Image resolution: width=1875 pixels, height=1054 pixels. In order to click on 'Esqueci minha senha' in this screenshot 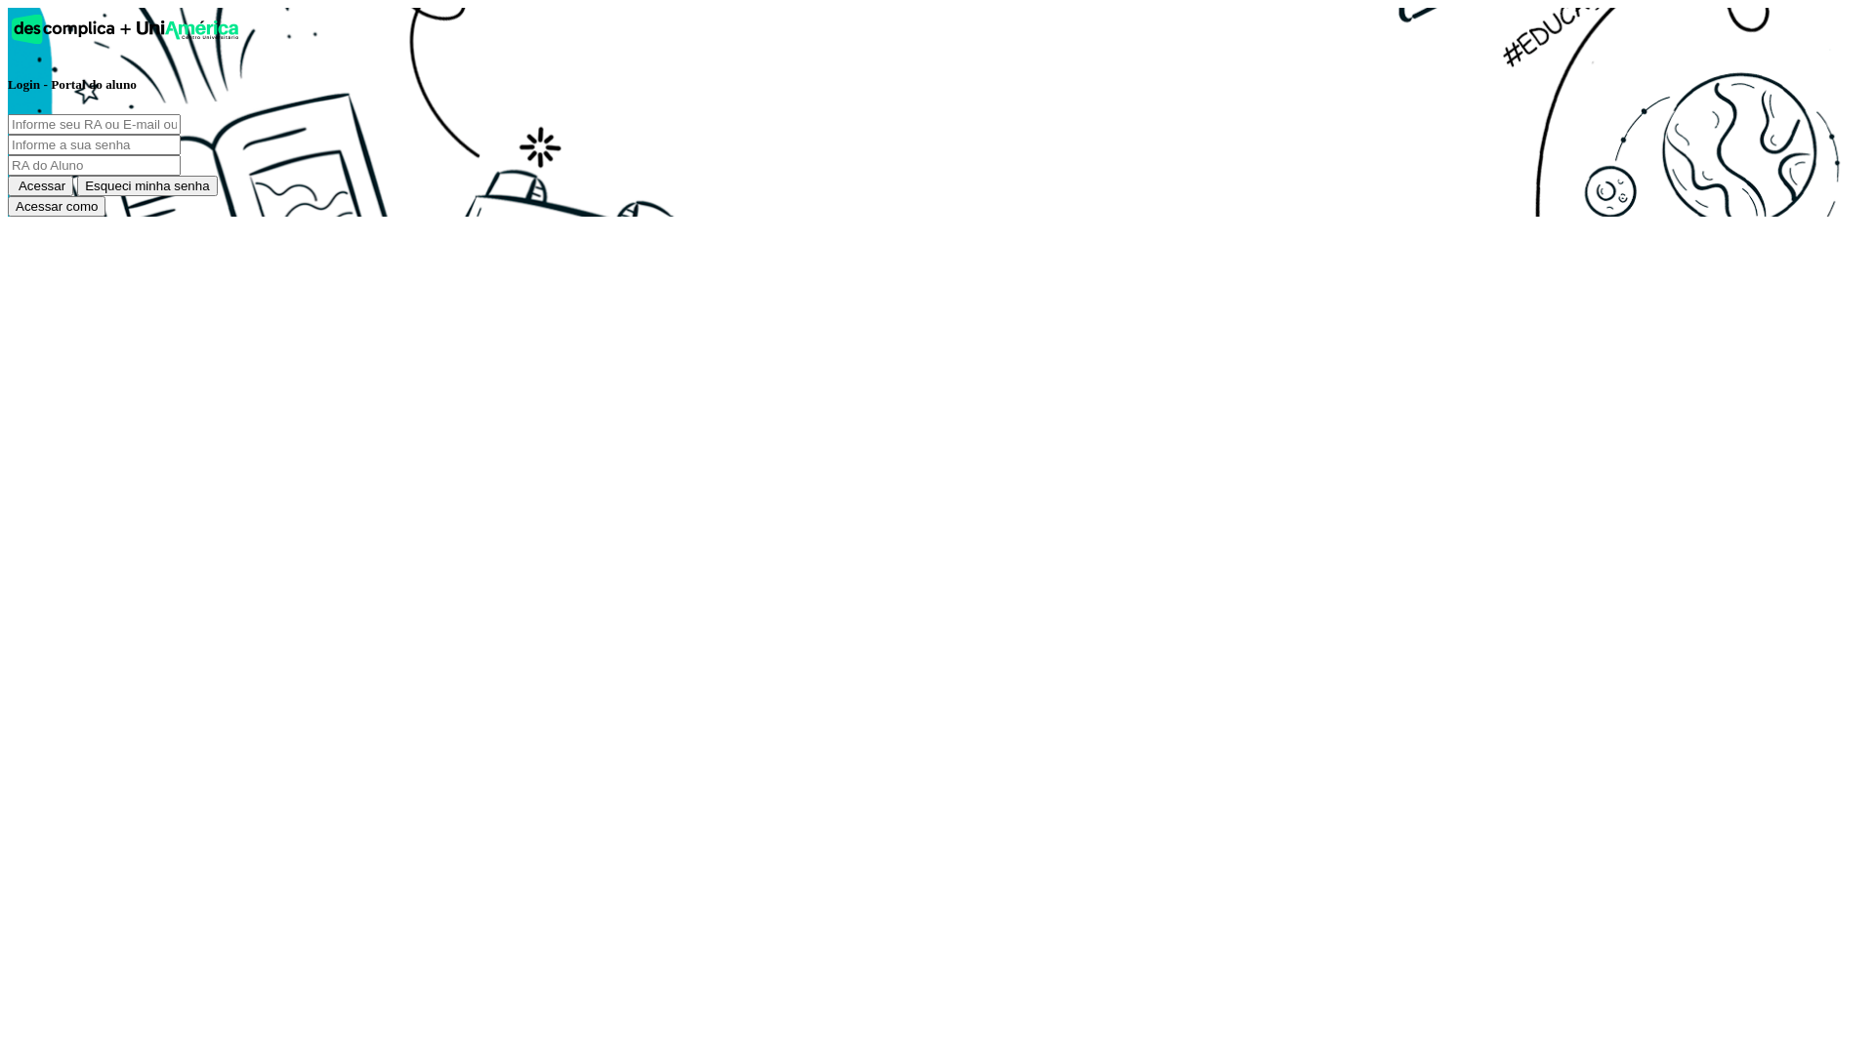, I will do `click(146, 185)`.